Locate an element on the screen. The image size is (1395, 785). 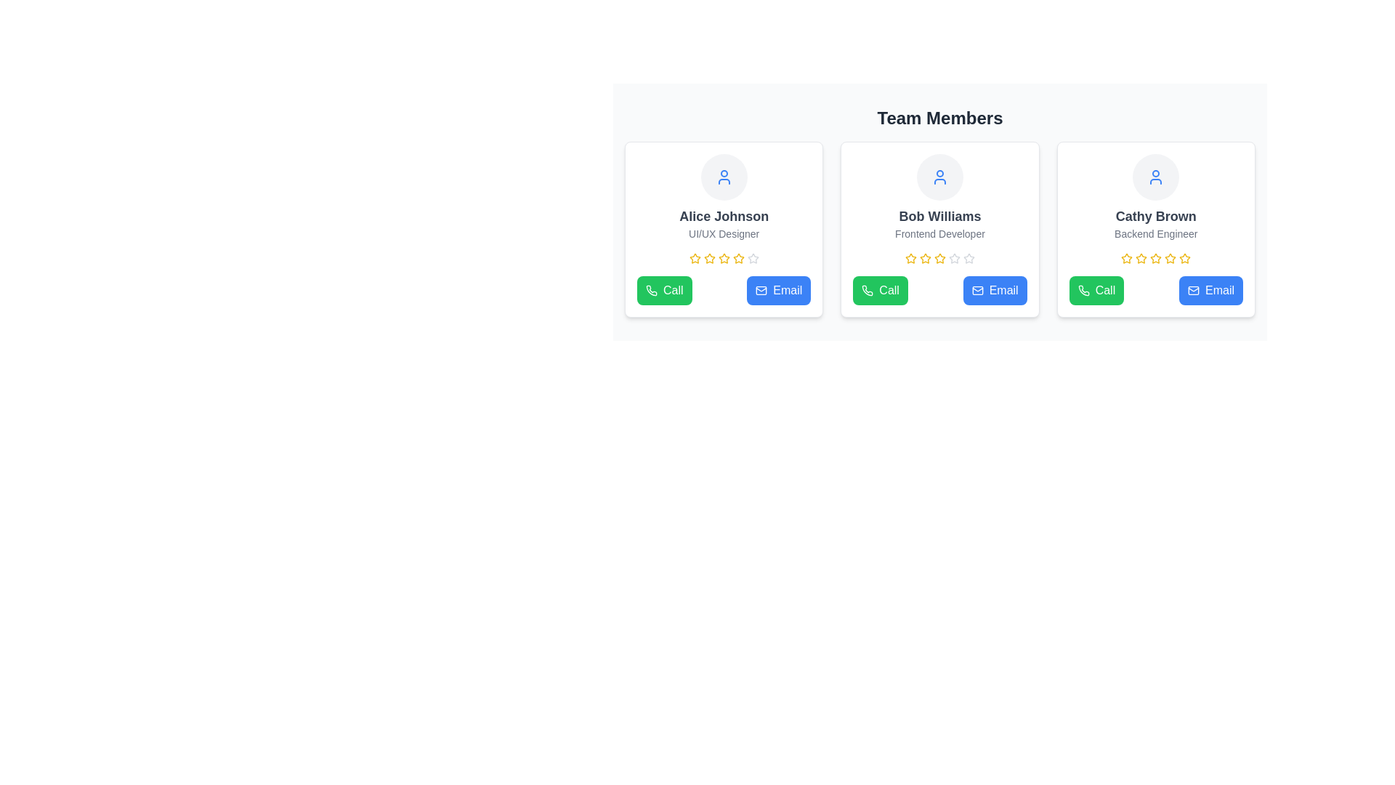
the fourth star-shaped icon in the rating display for Cathy Brown's profile card is located at coordinates (1155, 257).